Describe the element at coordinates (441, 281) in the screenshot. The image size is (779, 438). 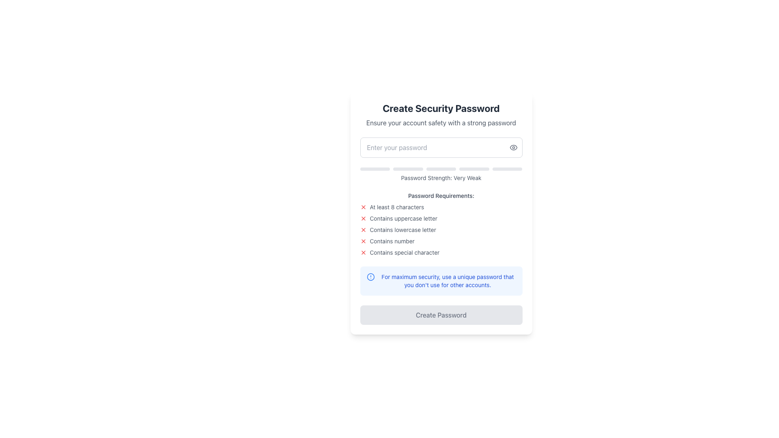
I see `the informational notification box that displays a security tip about using a unique password, located above the 'Create Password' button in the 'Create Security Password' modal` at that location.